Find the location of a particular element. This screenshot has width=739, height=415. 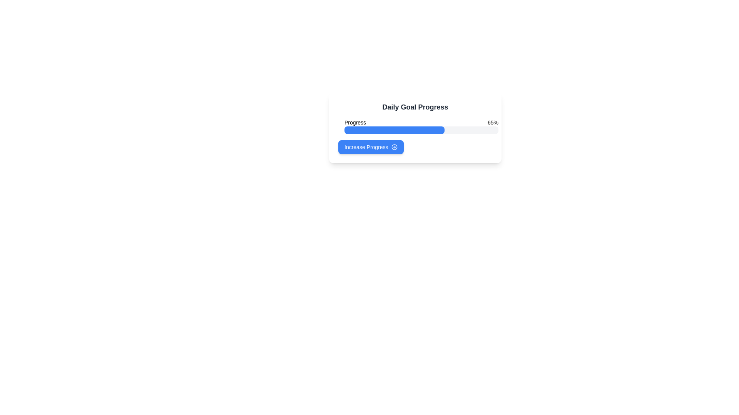

the progress bar that visually represents the completion percentage of a task, currently displaying 65%, located in the 'Daily Goal Progress' section is located at coordinates (395, 130).